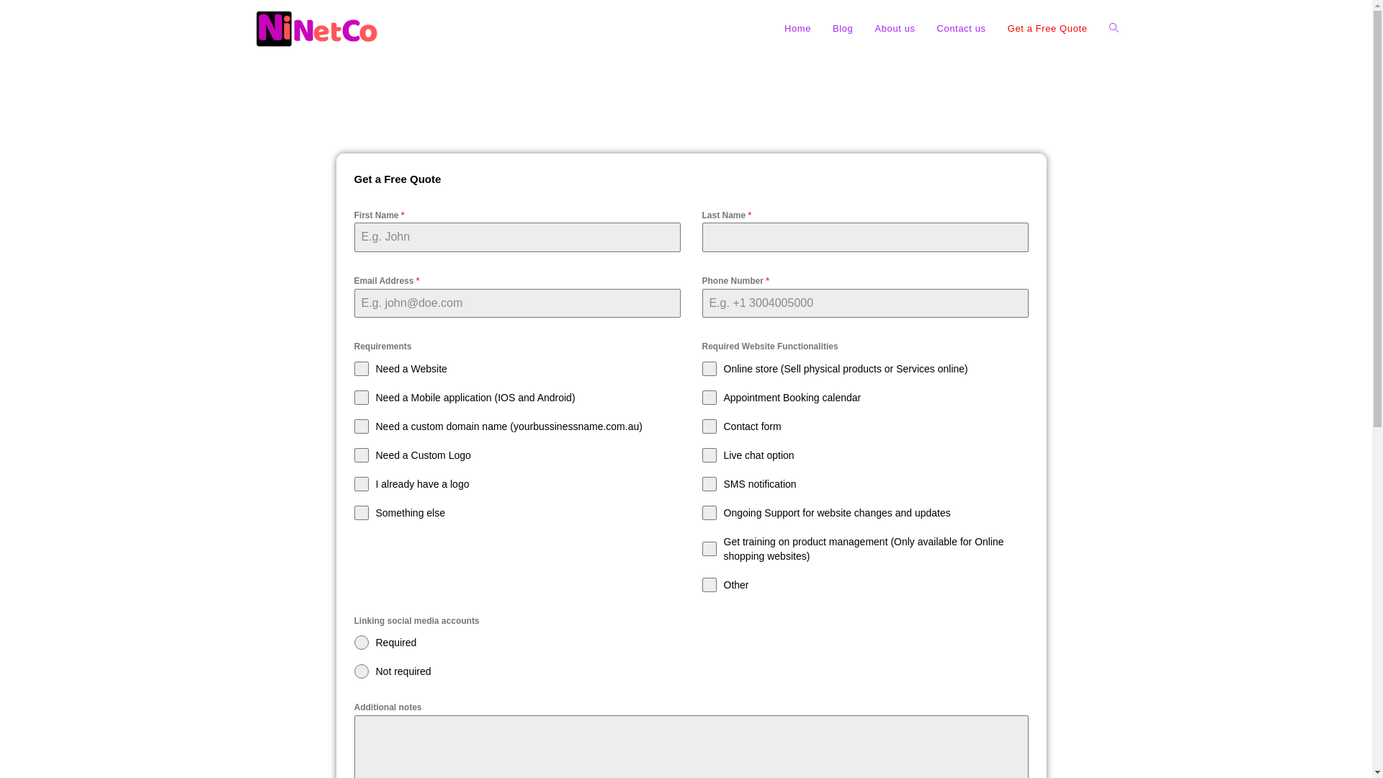  I want to click on 'Contact us', so click(961, 28).